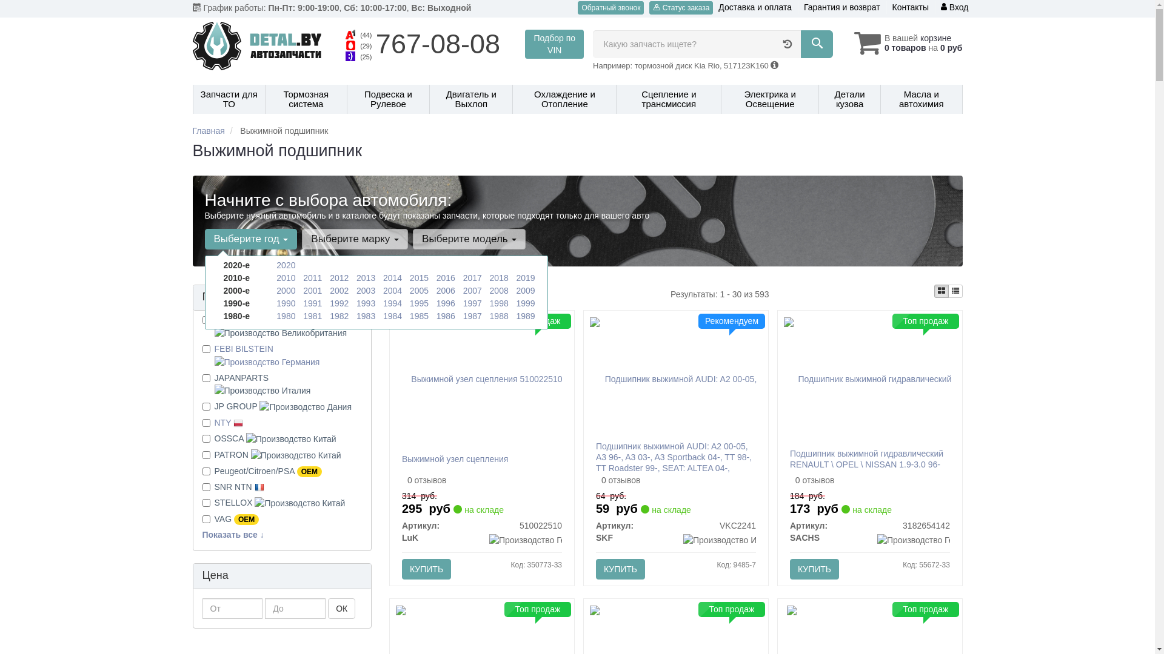 The height and width of the screenshot is (654, 1164). What do you see at coordinates (339, 315) in the screenshot?
I see `'1982'` at bounding box center [339, 315].